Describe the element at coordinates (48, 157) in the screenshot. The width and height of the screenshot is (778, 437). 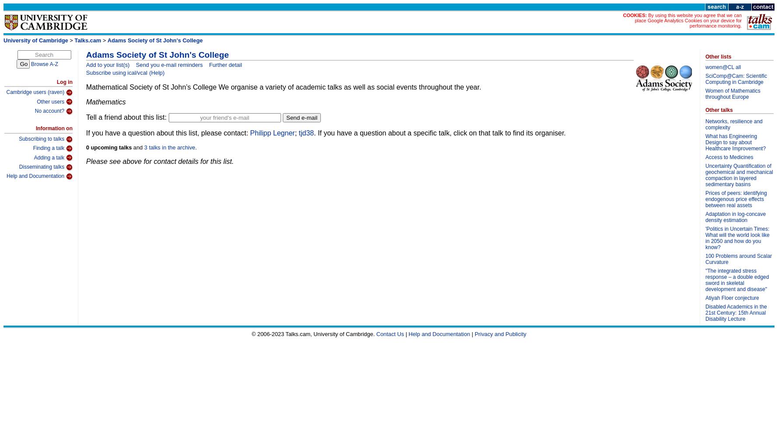
I see `'Adding a talk'` at that location.